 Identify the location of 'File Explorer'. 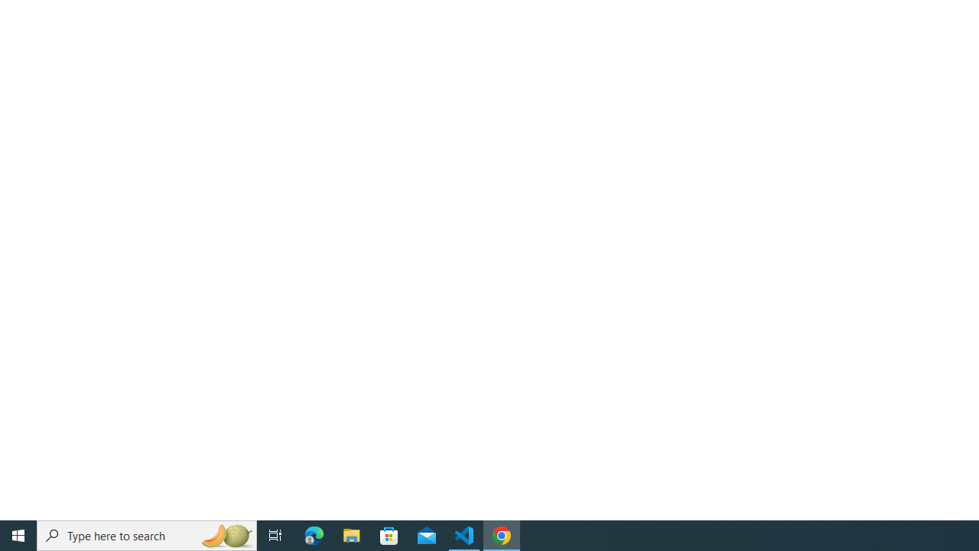
(351, 534).